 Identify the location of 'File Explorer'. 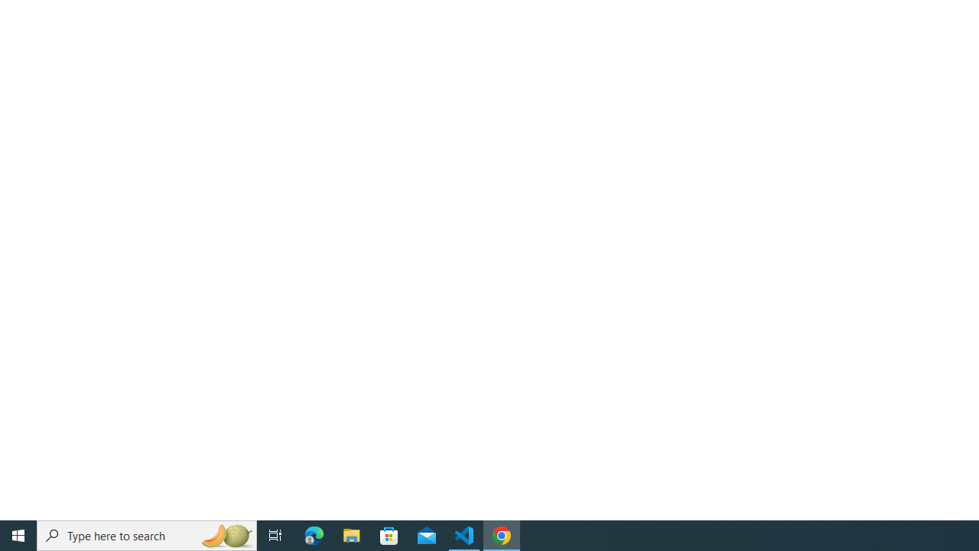
(351, 534).